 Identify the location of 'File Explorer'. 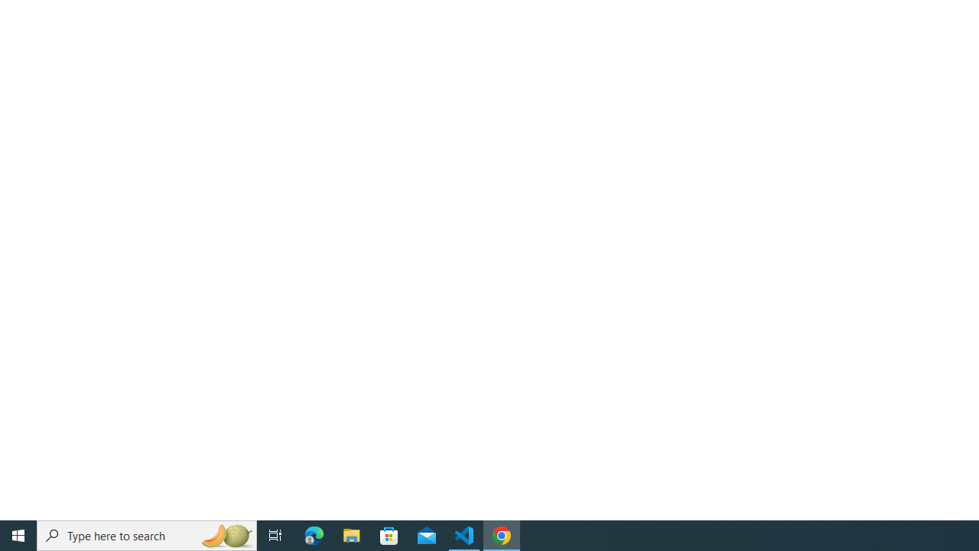
(351, 534).